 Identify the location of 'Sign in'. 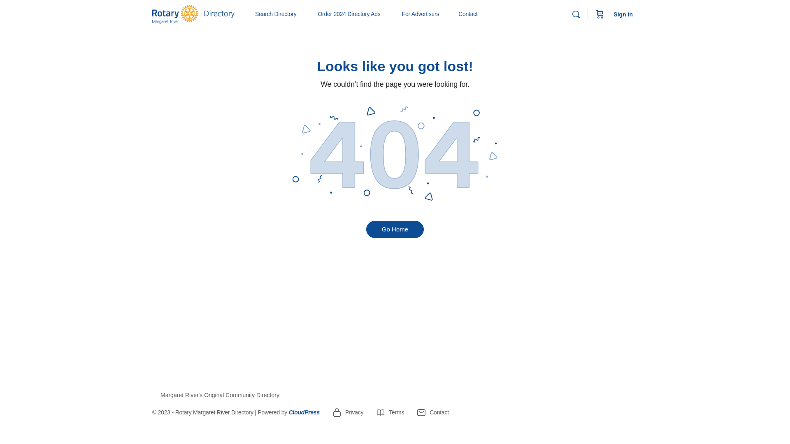
(623, 14).